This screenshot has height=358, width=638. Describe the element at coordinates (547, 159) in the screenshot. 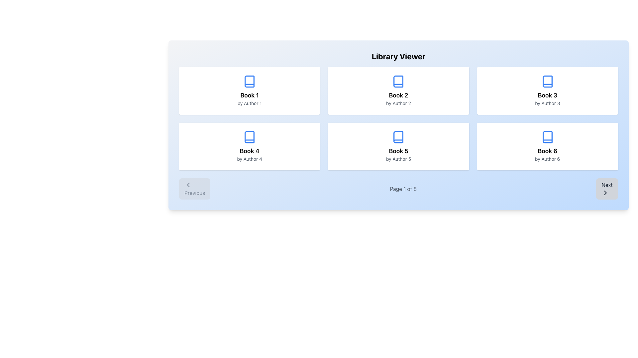

I see `the text label displaying 'by Author 6' located below 'Book 6' within the sixth card in the grid layout` at that location.